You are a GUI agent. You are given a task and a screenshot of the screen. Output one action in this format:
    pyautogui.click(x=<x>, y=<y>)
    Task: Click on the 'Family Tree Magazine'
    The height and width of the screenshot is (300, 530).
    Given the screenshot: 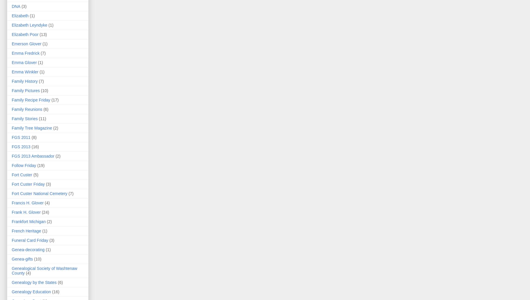 What is the action you would take?
    pyautogui.click(x=31, y=128)
    